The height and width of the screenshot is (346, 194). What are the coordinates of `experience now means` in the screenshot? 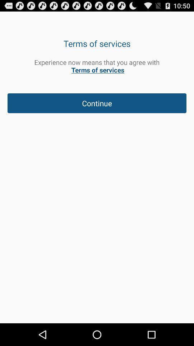 It's located at (97, 66).